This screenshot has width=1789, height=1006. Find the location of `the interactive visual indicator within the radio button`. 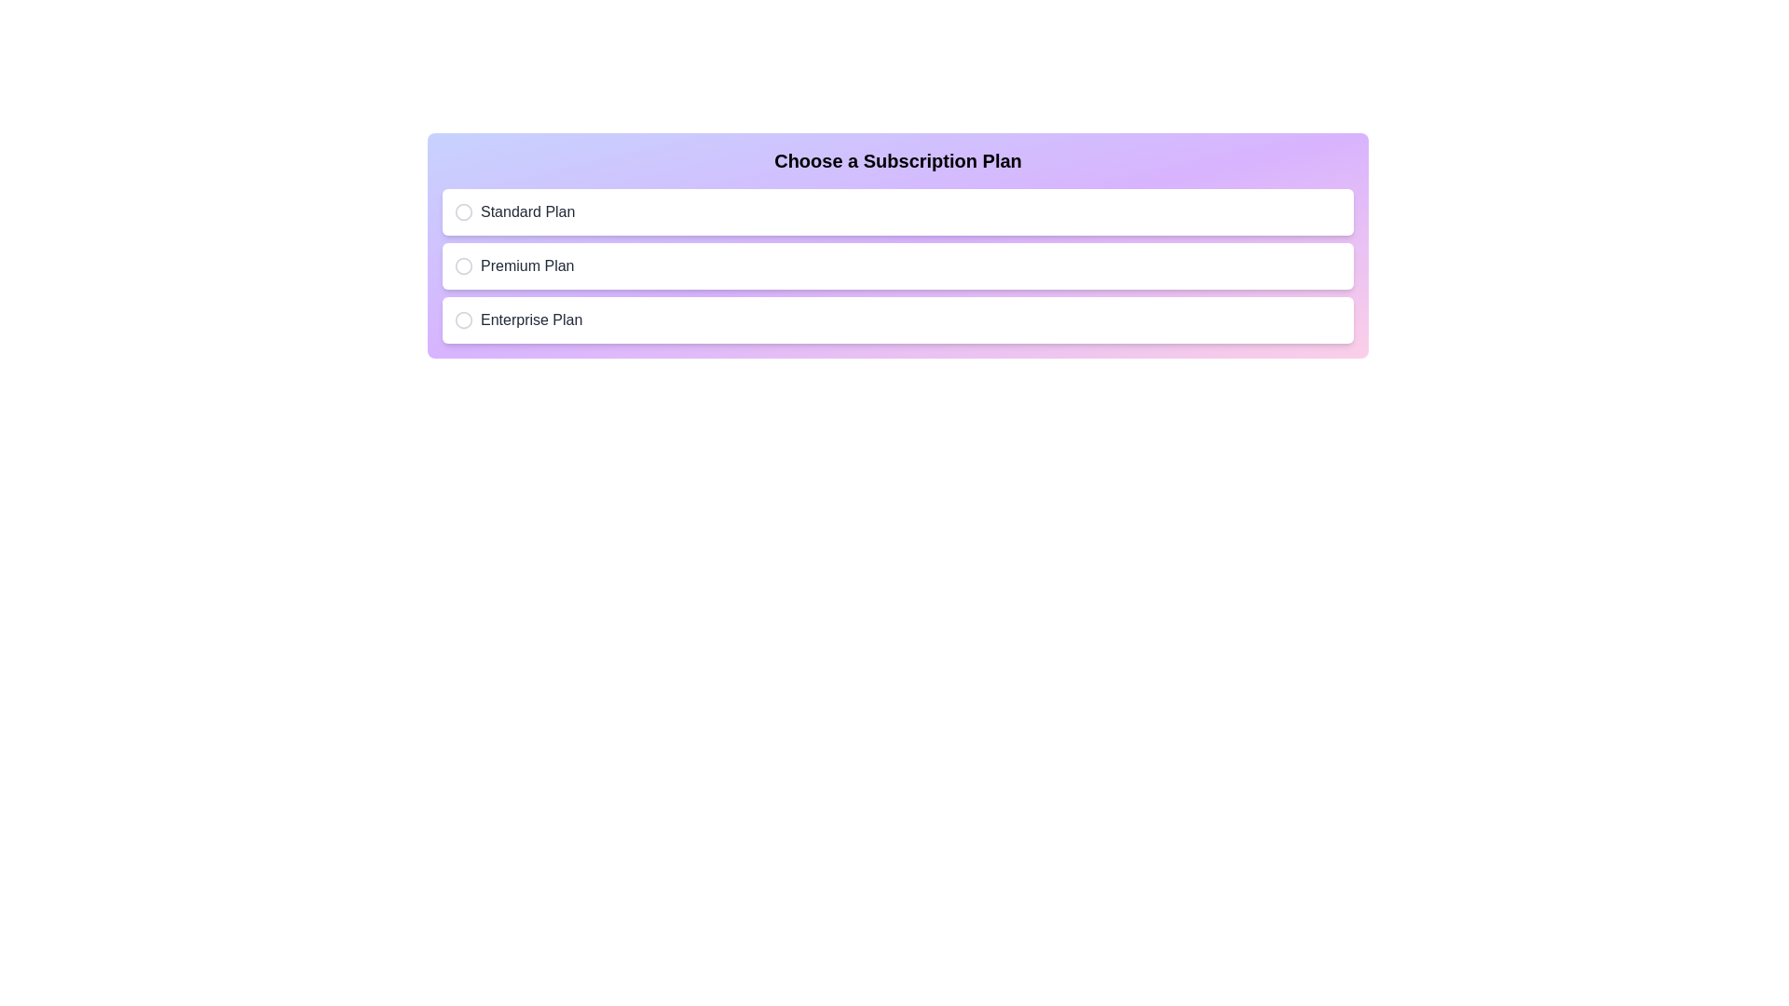

the interactive visual indicator within the radio button is located at coordinates (464, 265).